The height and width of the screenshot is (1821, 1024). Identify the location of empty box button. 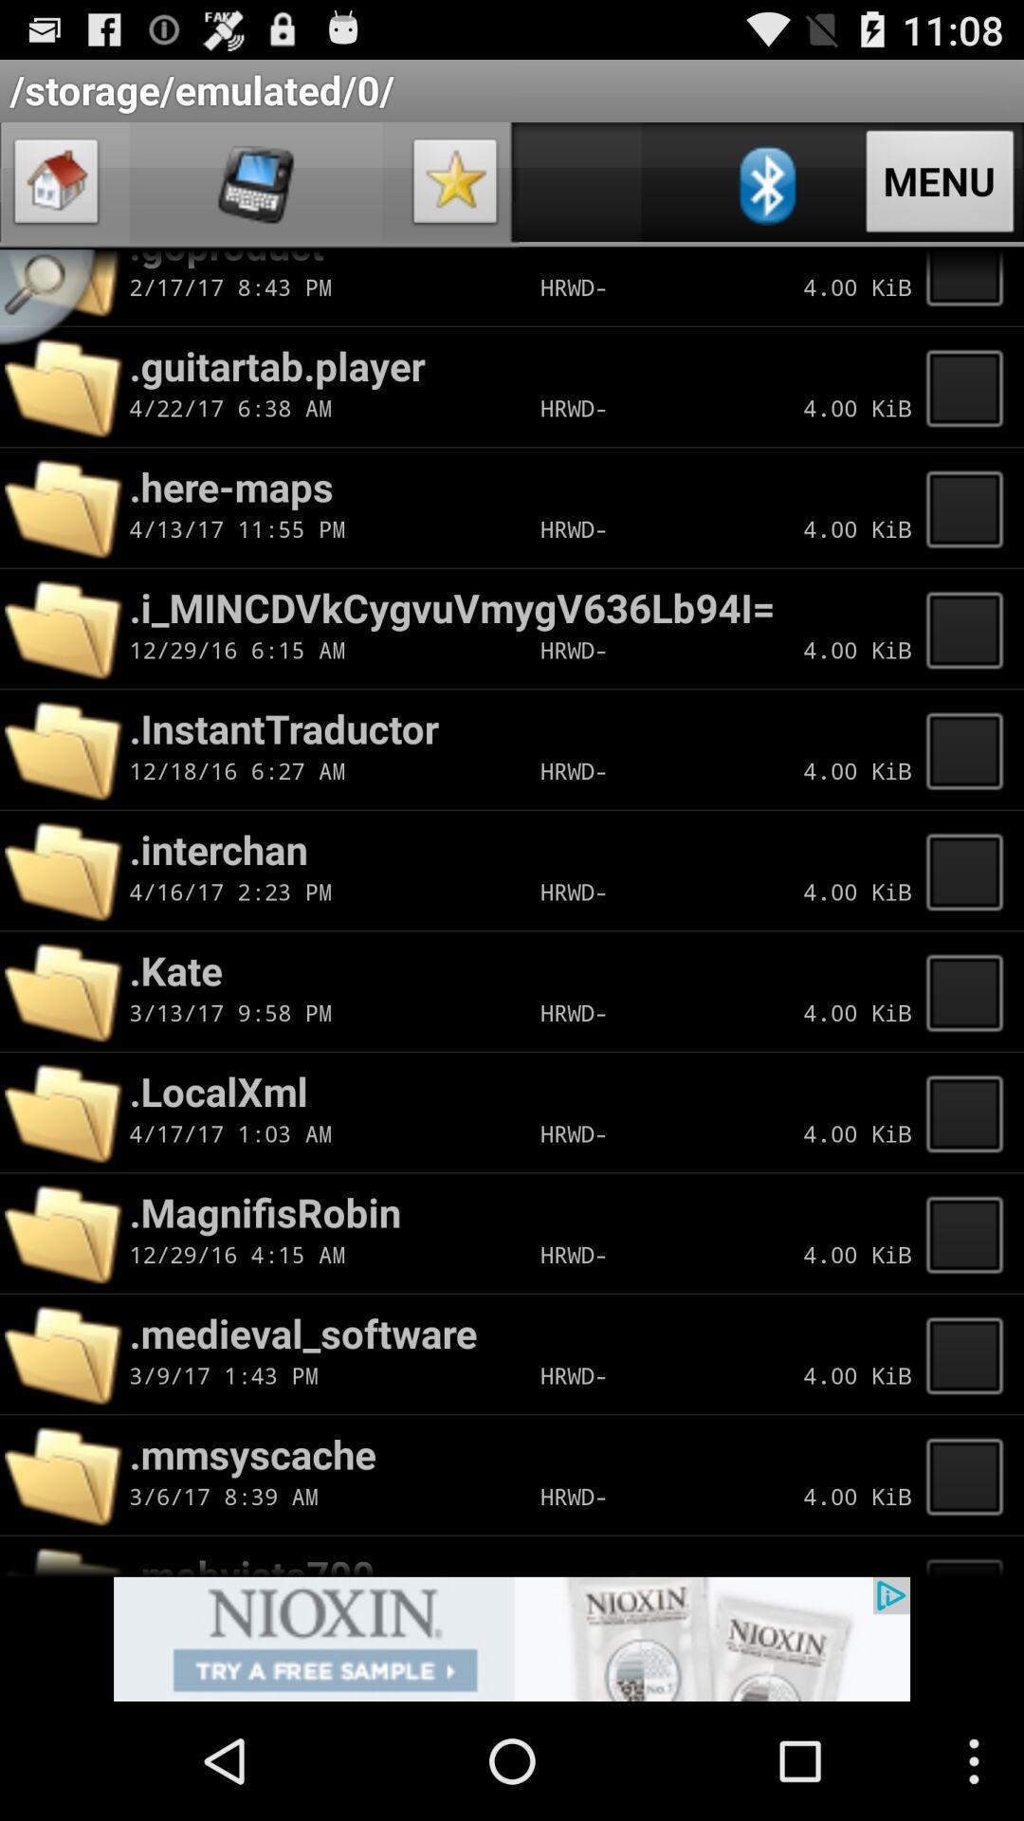
(970, 286).